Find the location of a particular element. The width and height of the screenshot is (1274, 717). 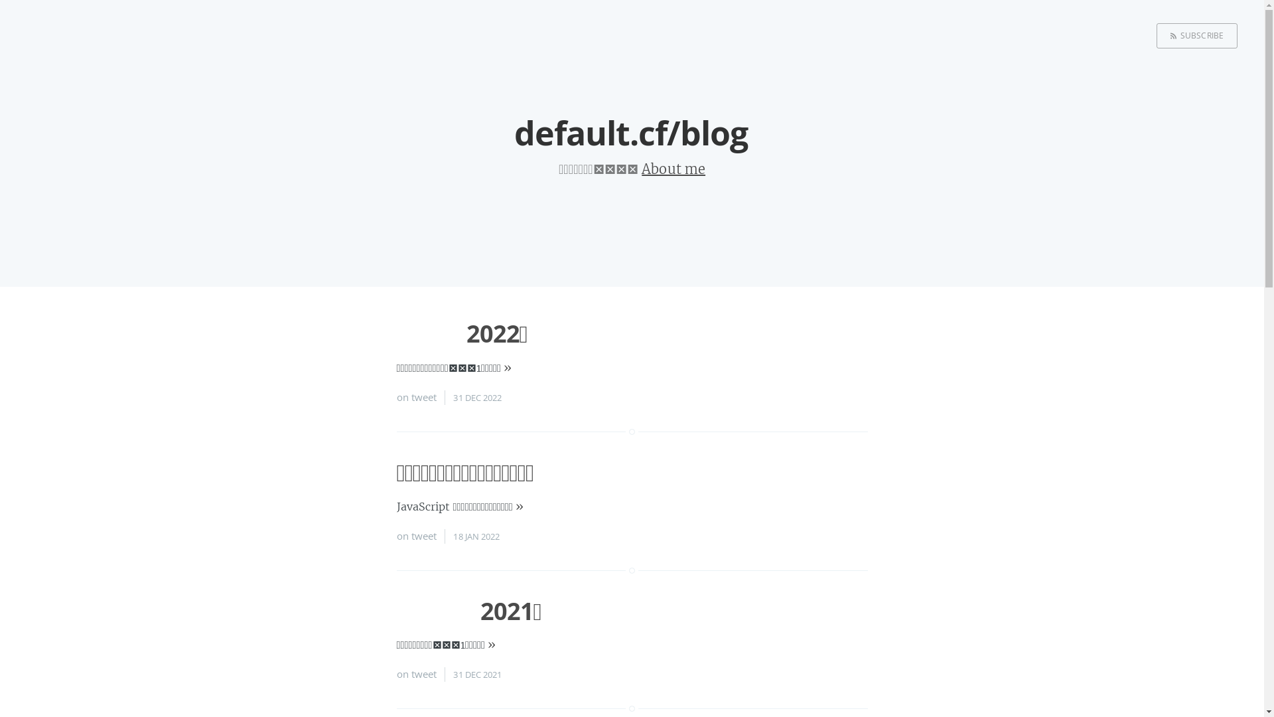

'SUBSCRIBE' is located at coordinates (1197, 35).